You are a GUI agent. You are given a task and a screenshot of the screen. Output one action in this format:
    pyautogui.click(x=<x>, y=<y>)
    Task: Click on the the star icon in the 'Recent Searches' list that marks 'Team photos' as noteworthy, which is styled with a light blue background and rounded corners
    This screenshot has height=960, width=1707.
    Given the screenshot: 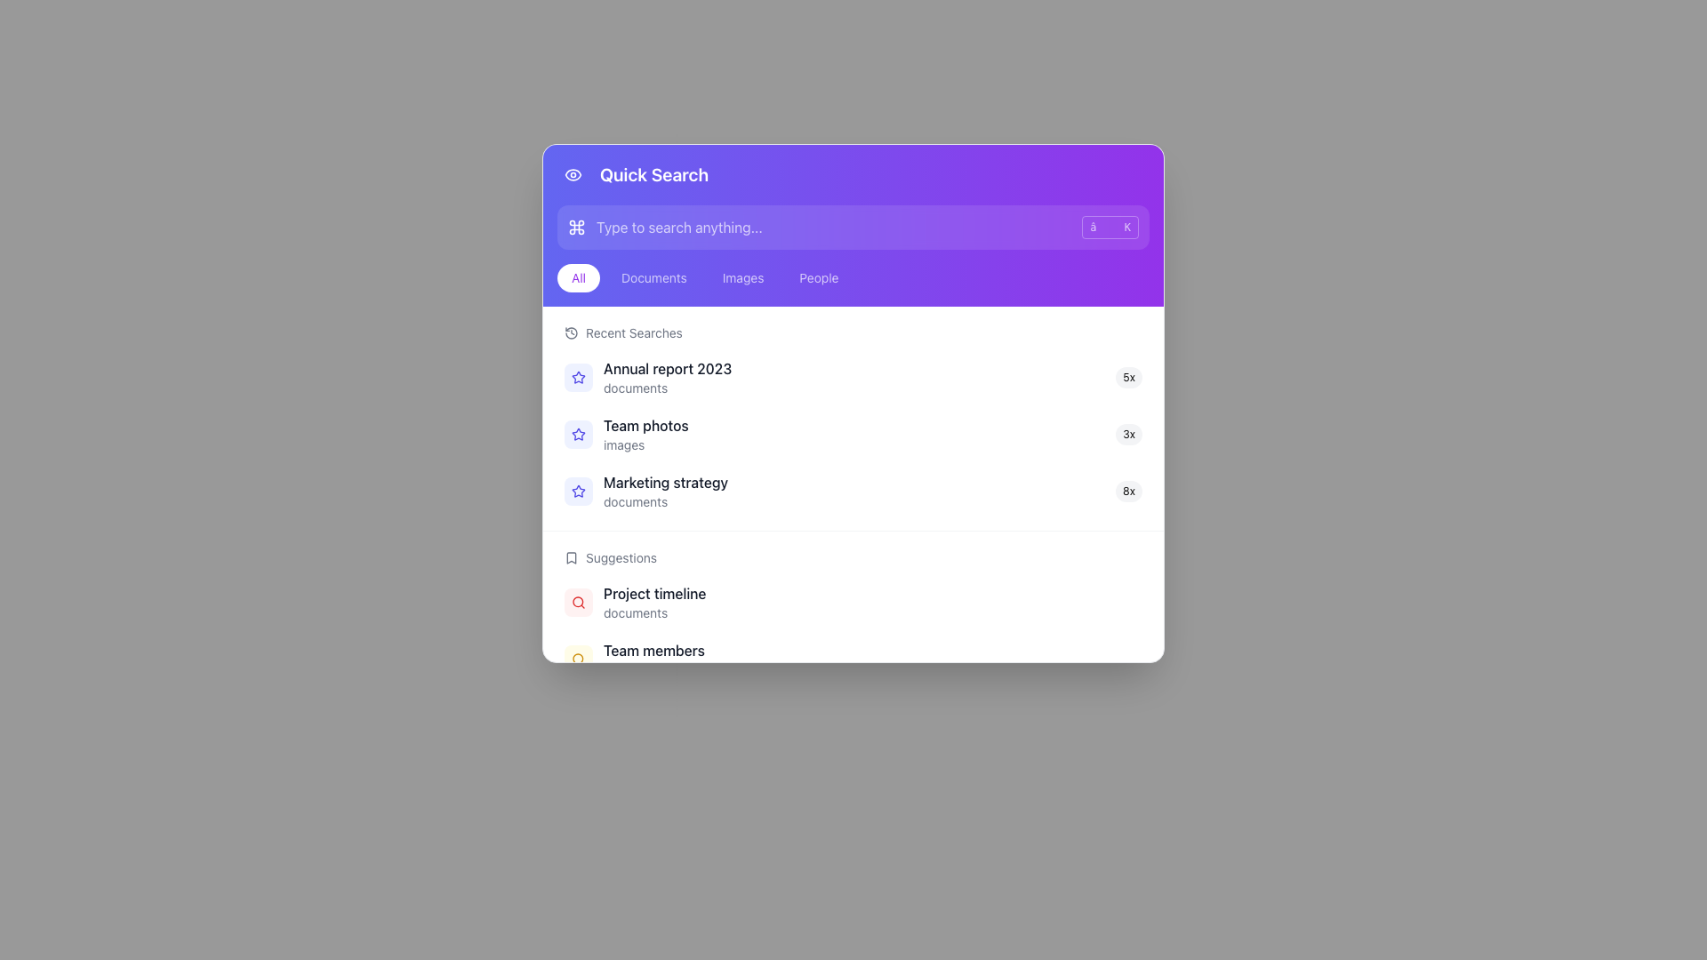 What is the action you would take?
    pyautogui.click(x=579, y=376)
    